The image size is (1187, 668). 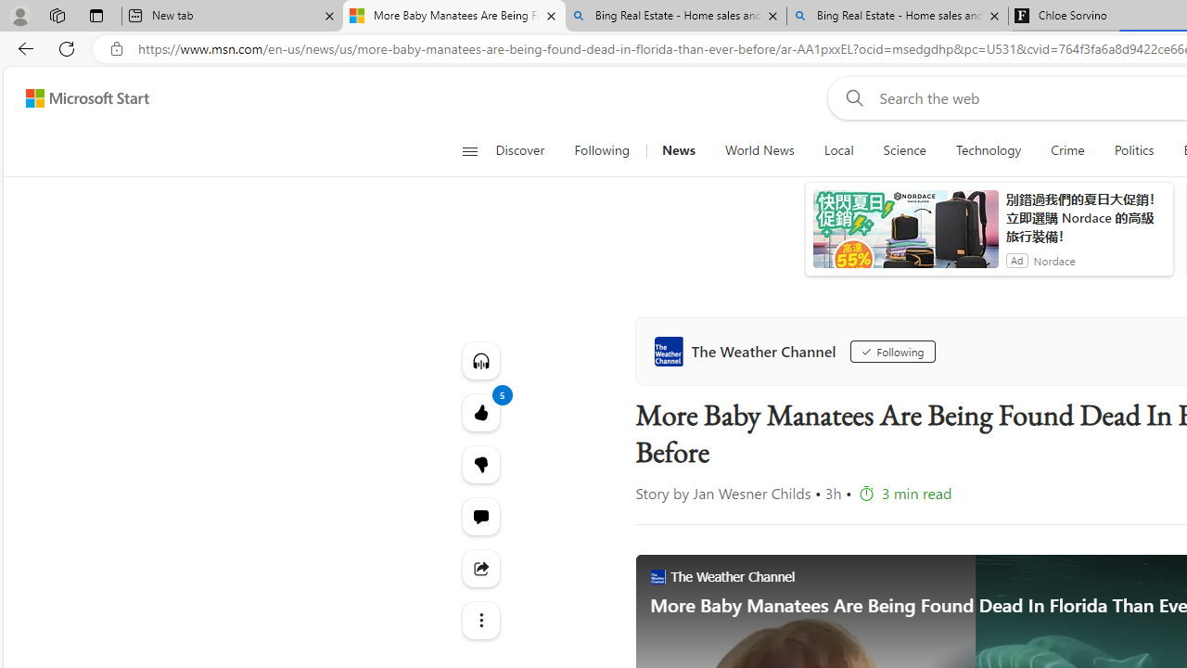 What do you see at coordinates (80, 97) in the screenshot?
I see `'Skip to content'` at bounding box center [80, 97].